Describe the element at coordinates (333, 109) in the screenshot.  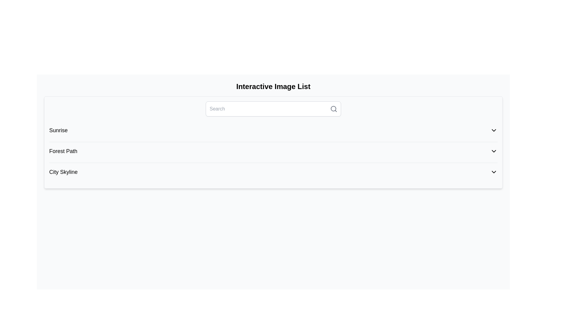
I see `the search icon located on the right side of the search bar to trigger a tooltip or visual feedback` at that location.